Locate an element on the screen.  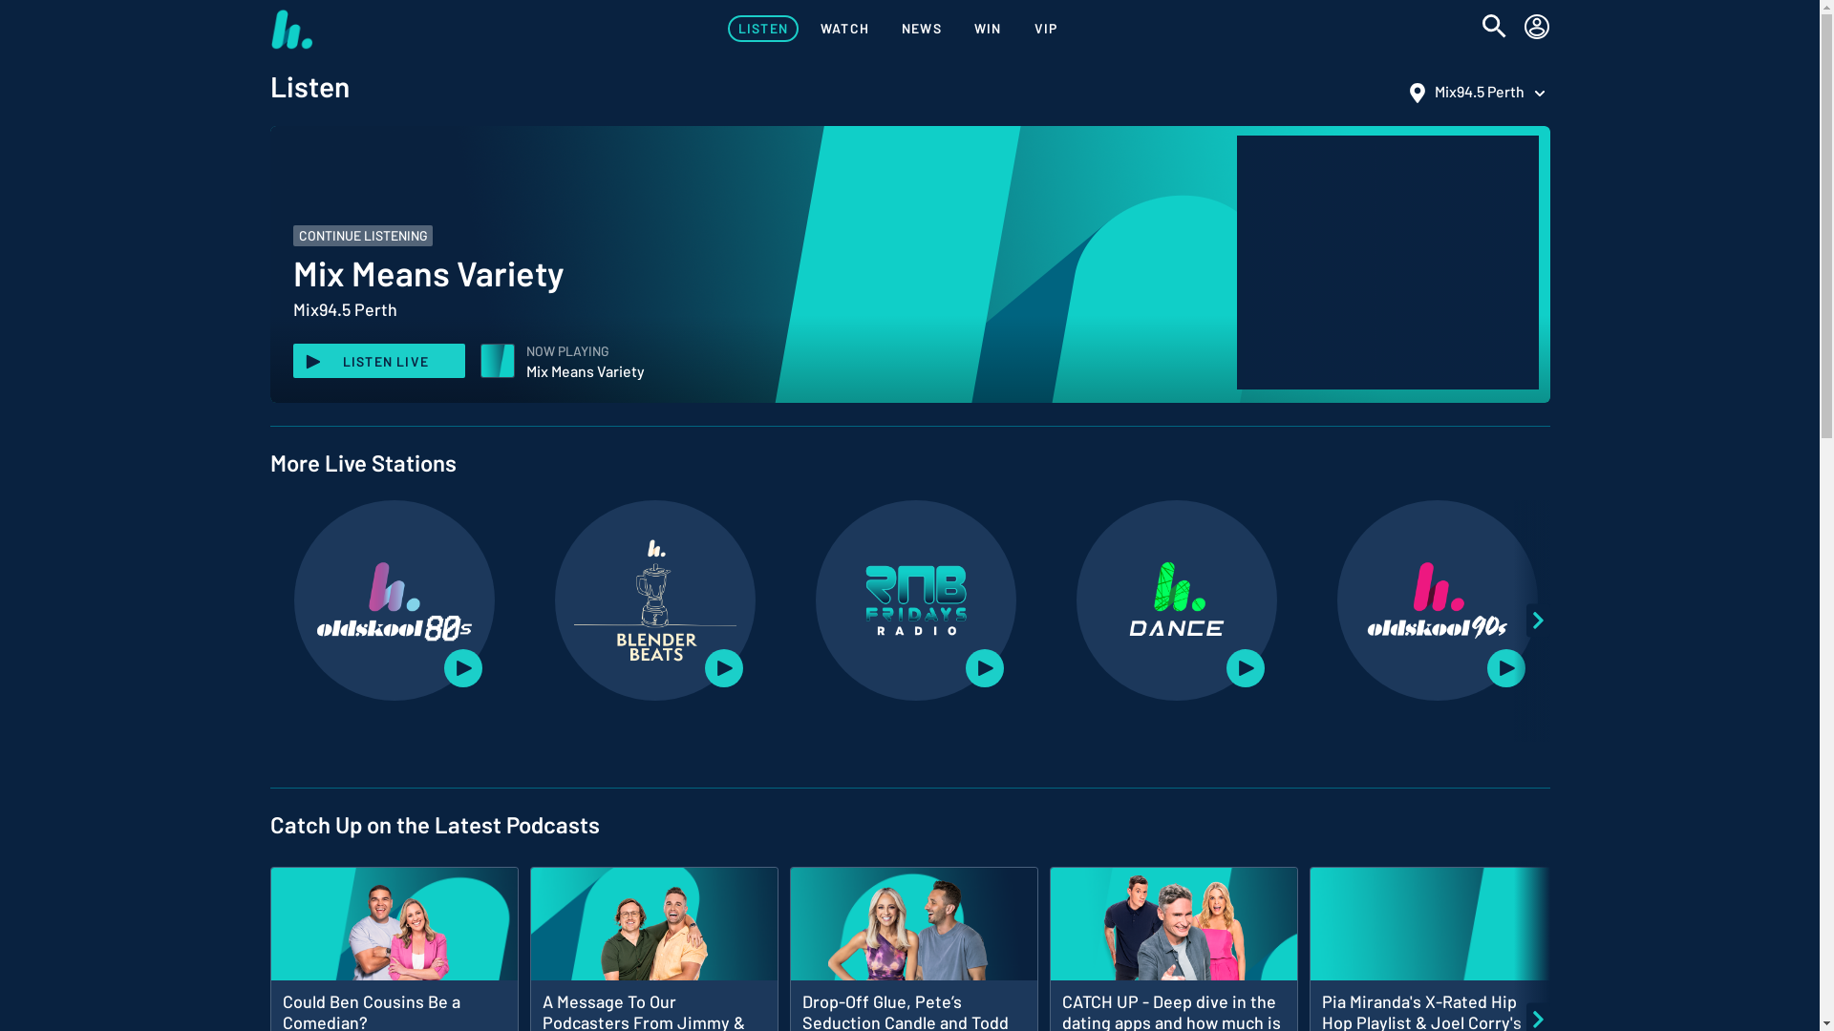
'WATCH' is located at coordinates (843, 29).